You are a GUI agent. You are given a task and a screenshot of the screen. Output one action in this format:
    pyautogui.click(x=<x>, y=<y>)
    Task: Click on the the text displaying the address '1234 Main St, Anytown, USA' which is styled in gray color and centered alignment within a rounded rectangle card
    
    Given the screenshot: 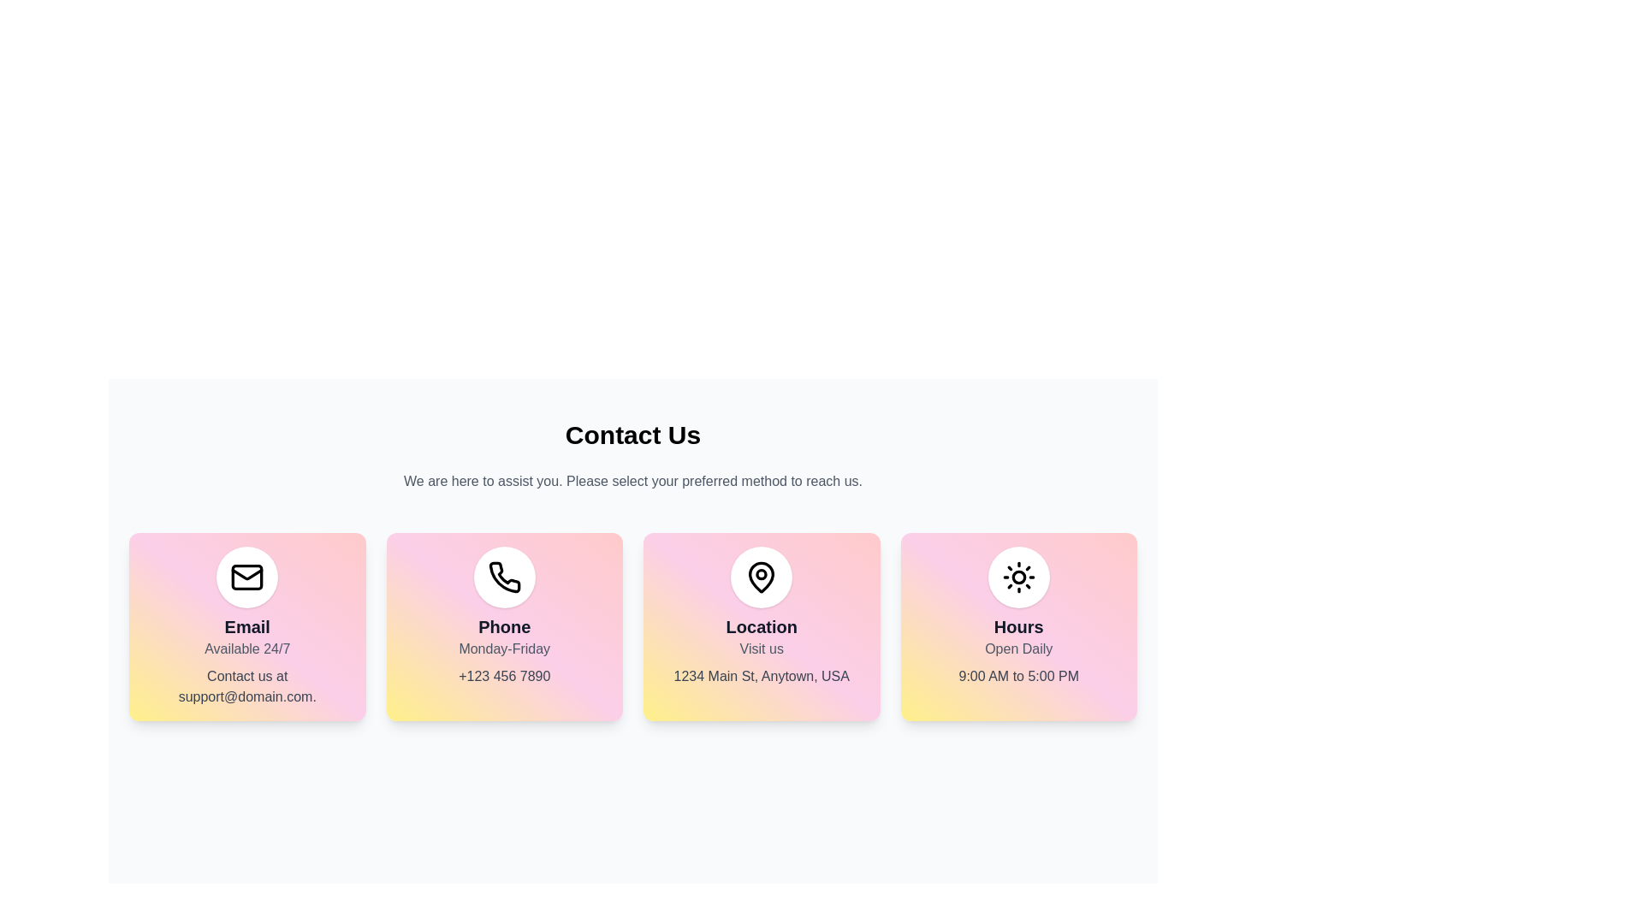 What is the action you would take?
    pyautogui.click(x=761, y=675)
    